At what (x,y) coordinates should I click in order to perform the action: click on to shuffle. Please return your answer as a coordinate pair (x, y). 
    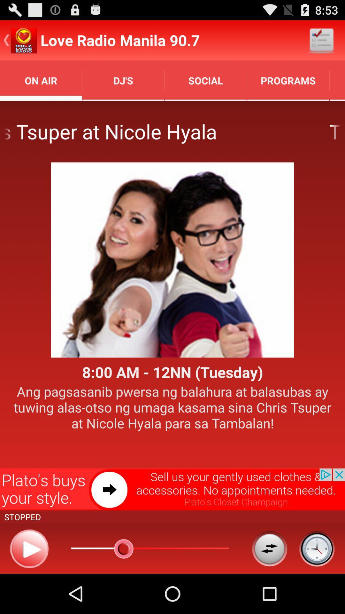
    Looking at the image, I should click on (269, 548).